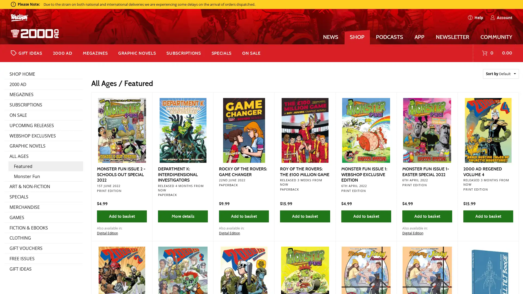 The width and height of the screenshot is (523, 294). Describe the element at coordinates (305, 216) in the screenshot. I see `Add to basket` at that location.